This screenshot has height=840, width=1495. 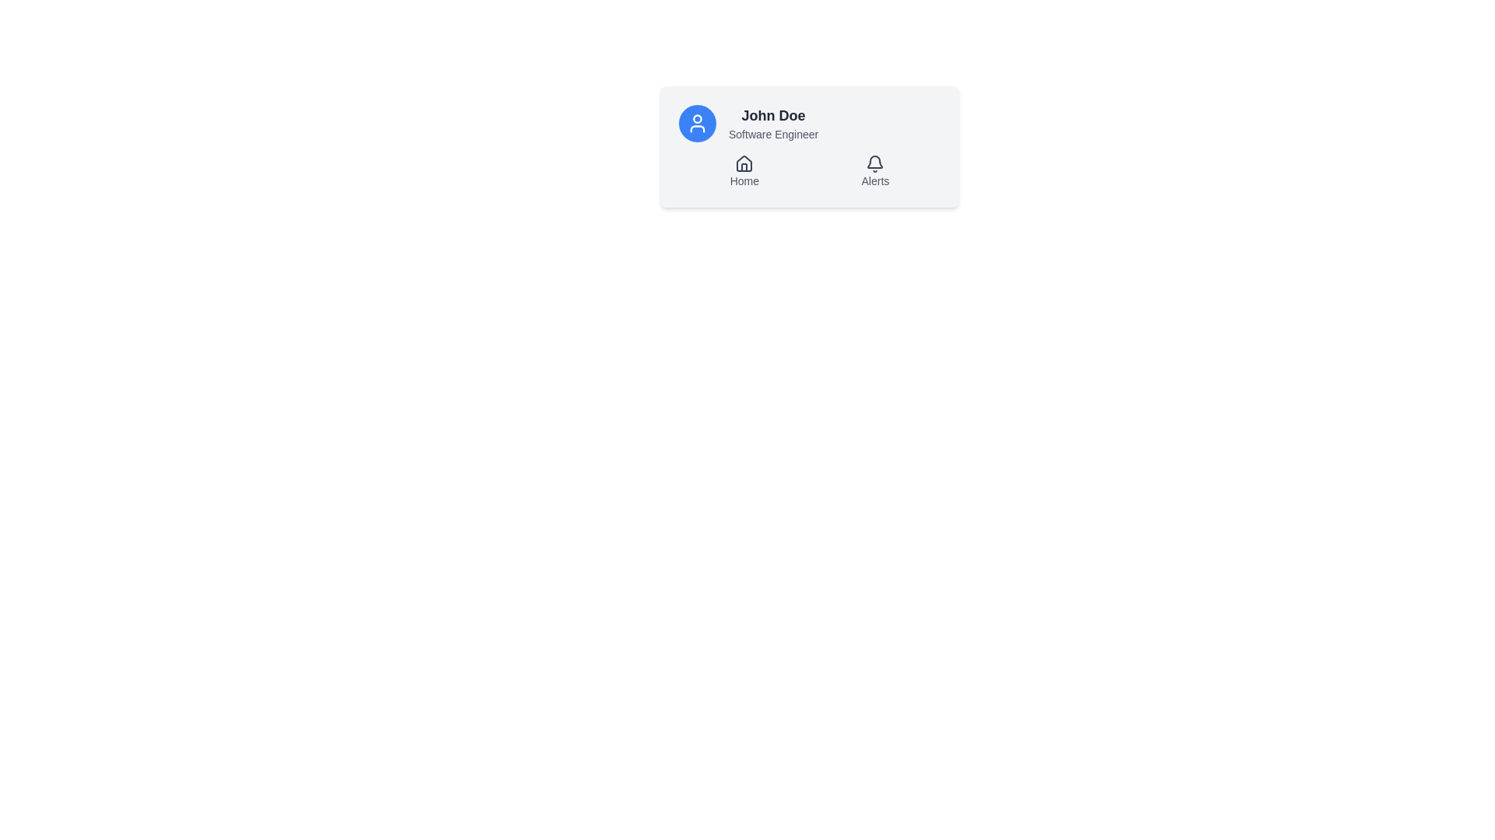 What do you see at coordinates (875, 162) in the screenshot?
I see `the bell icon in the 'Alerts' section` at bounding box center [875, 162].